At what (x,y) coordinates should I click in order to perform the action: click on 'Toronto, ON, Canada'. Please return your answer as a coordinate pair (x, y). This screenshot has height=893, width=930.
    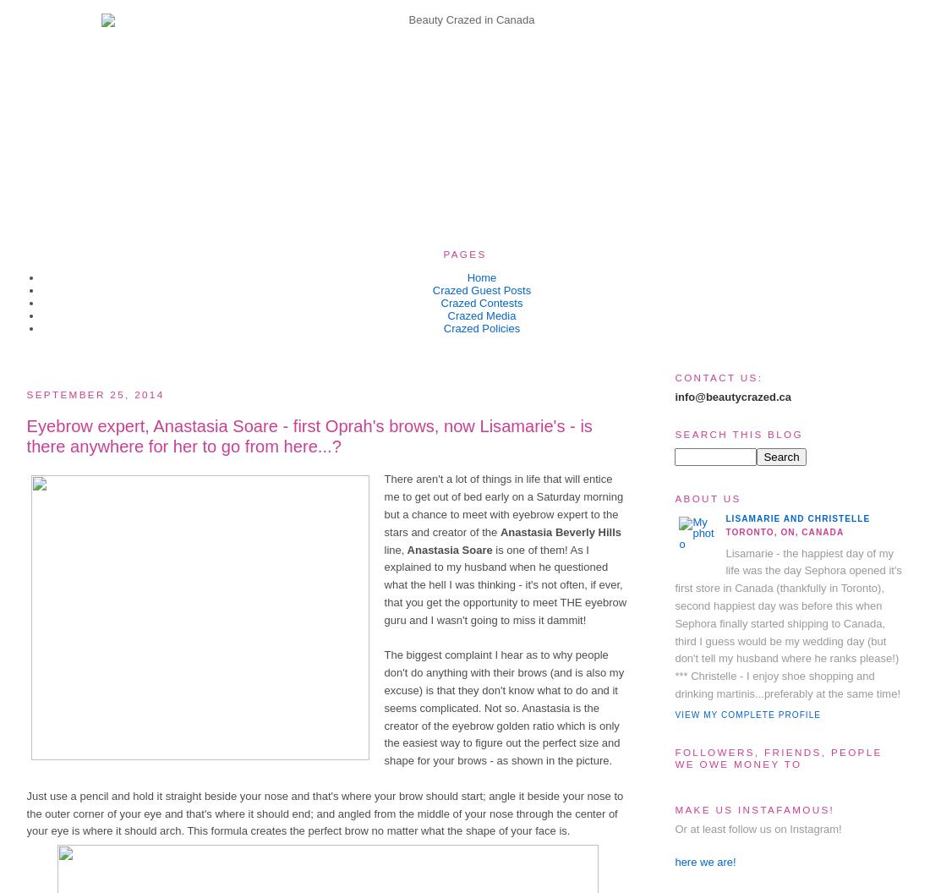
    Looking at the image, I should click on (784, 530).